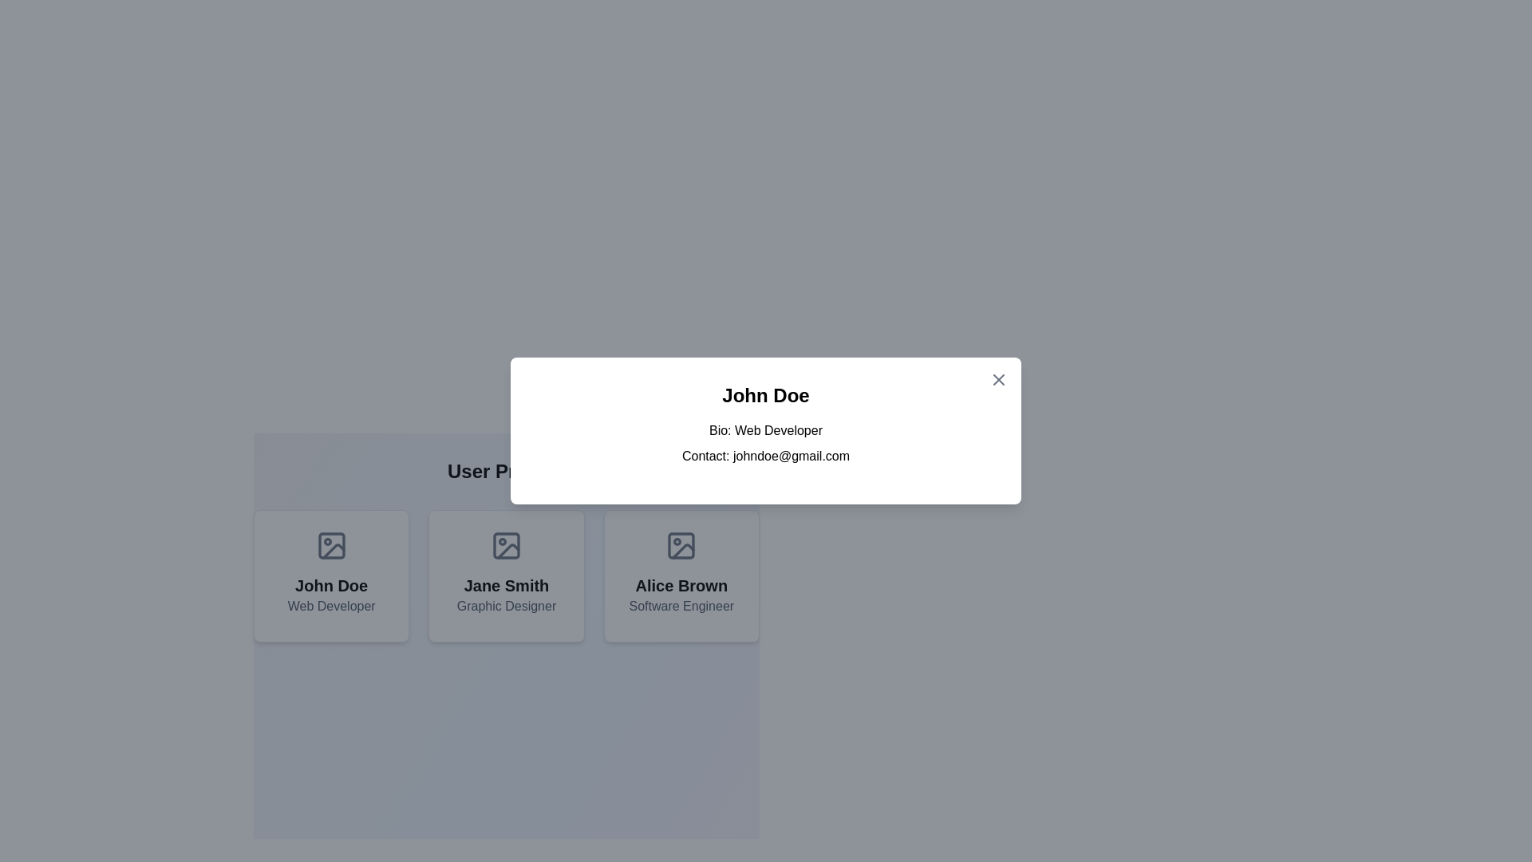  Describe the element at coordinates (681, 544) in the screenshot. I see `the graphical icon within the card layout for 'Alice Brown', which features a gray outlined rectangle enclosing a circle and a line segment intersecting it` at that location.